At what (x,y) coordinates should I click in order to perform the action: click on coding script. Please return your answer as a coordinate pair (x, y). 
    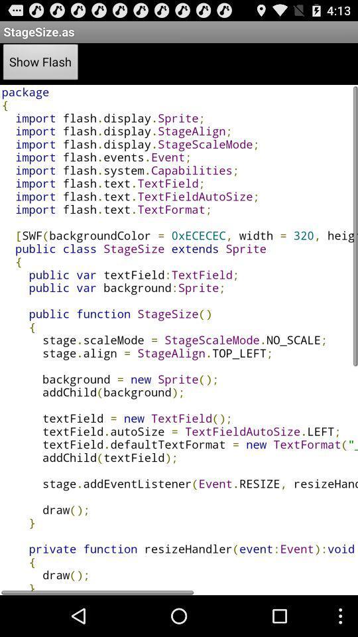
    Looking at the image, I should click on (179, 339).